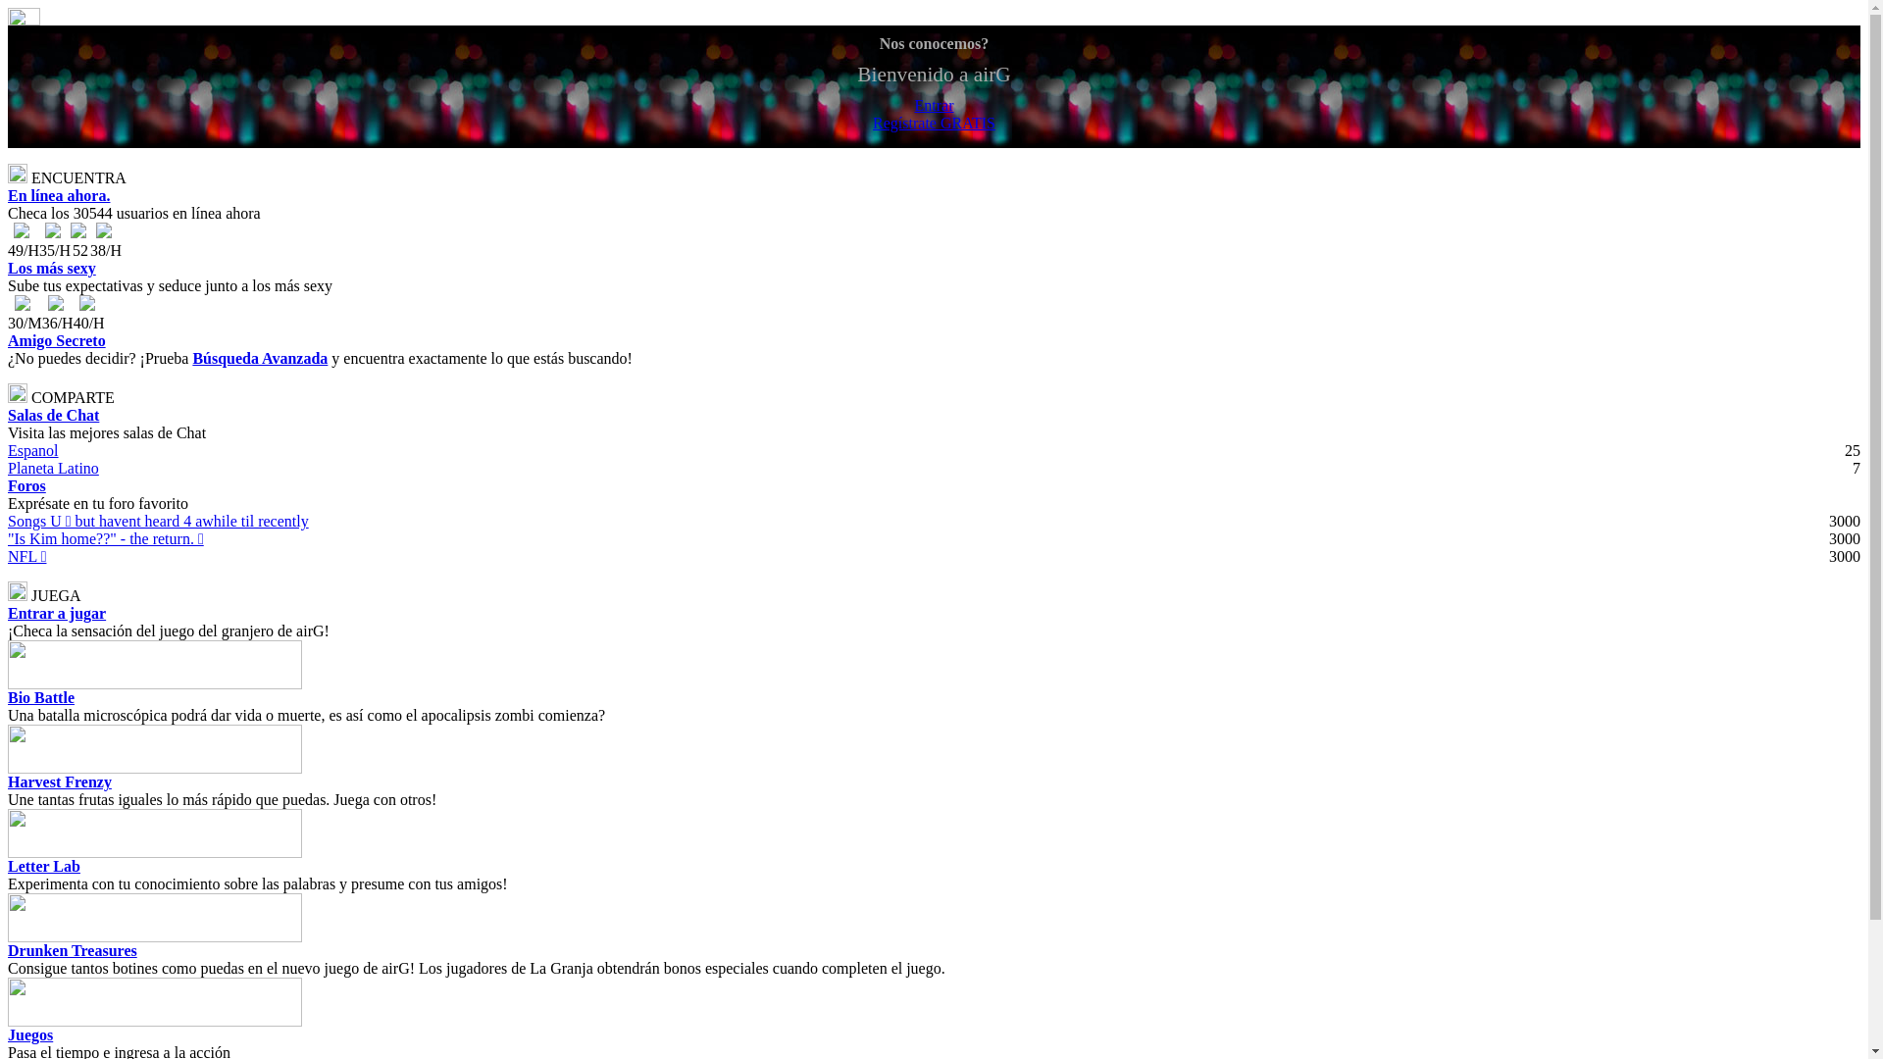 This screenshot has height=1059, width=1883. What do you see at coordinates (53, 414) in the screenshot?
I see `'Salas de Chat'` at bounding box center [53, 414].